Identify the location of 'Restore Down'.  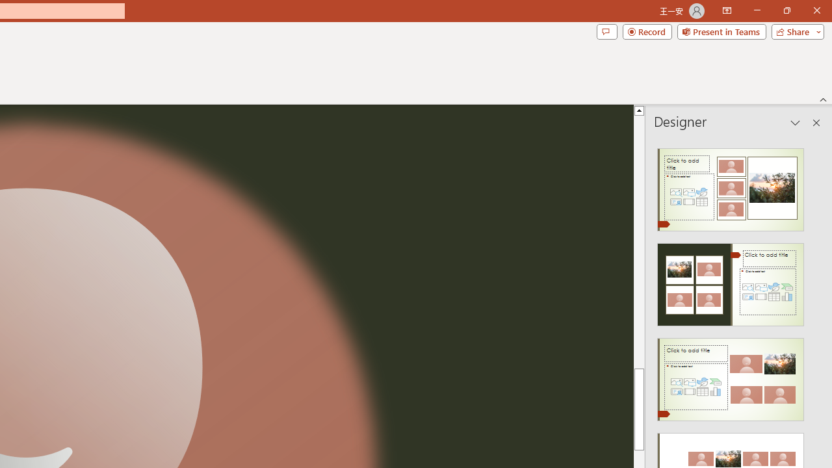
(786, 10).